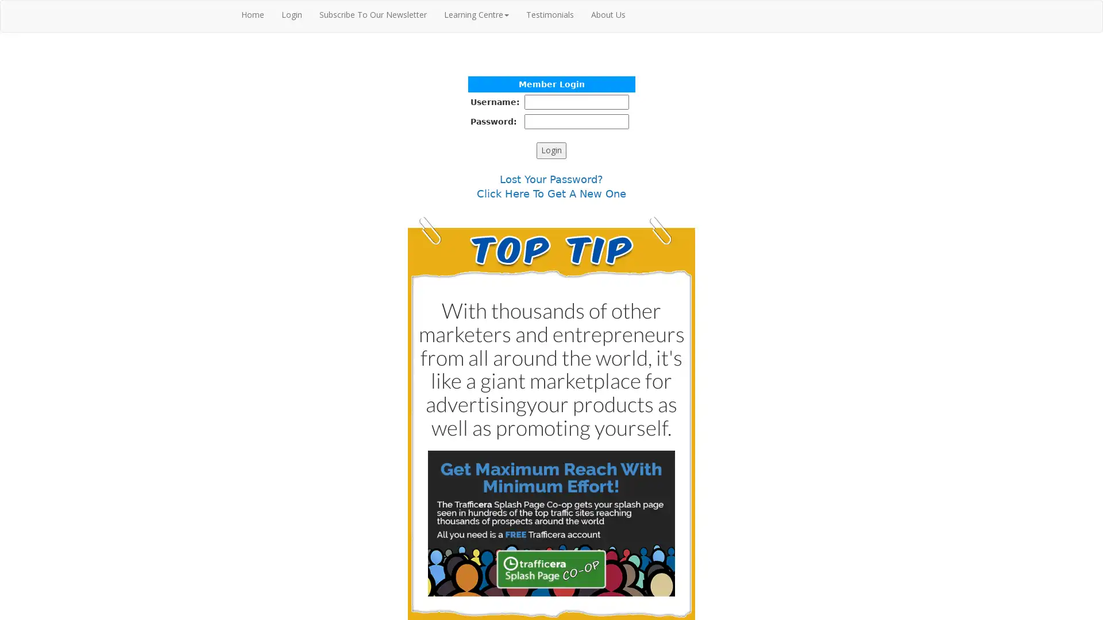  Describe the element at coordinates (551, 150) in the screenshot. I see `Login` at that location.